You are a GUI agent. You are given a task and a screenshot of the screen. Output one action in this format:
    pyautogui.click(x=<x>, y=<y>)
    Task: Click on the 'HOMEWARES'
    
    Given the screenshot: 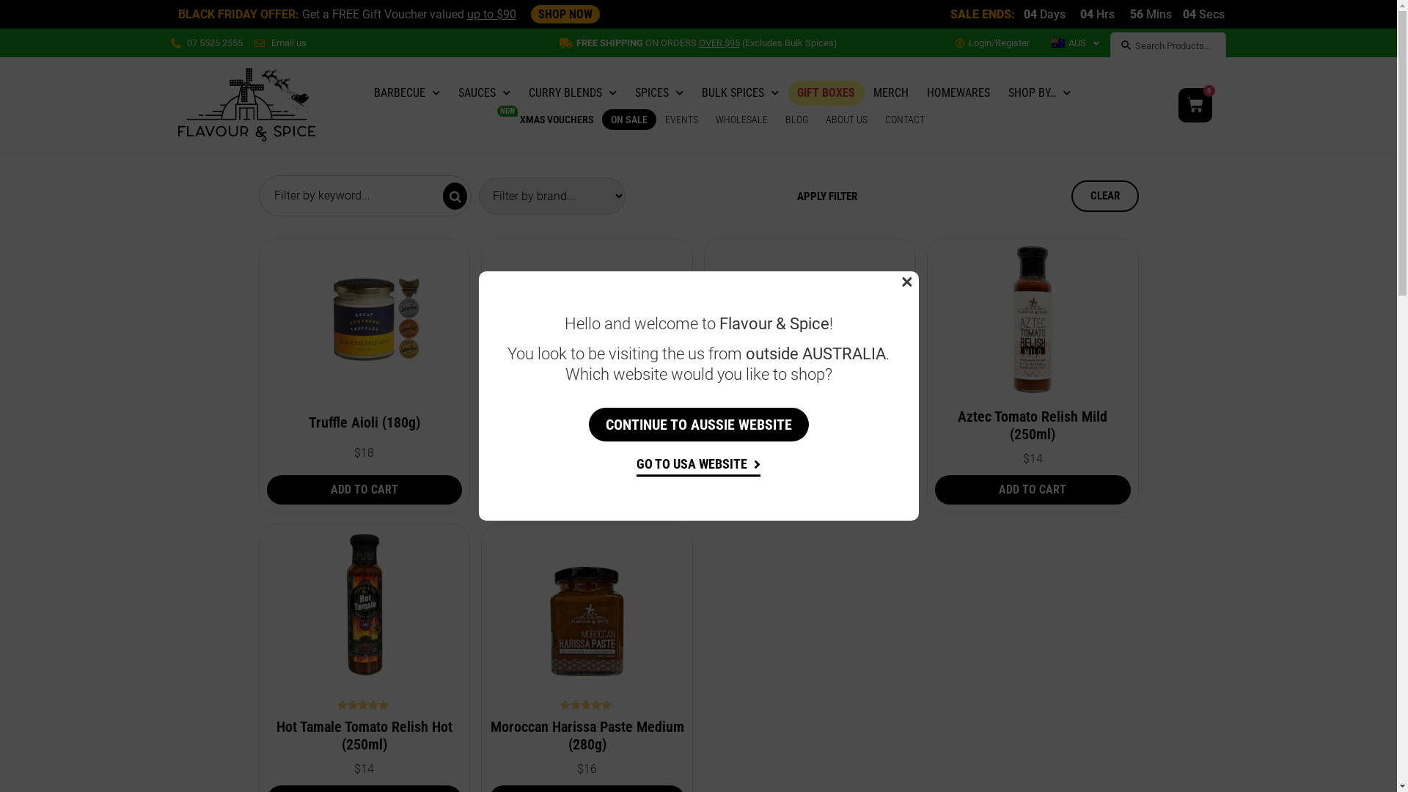 What is the action you would take?
    pyautogui.click(x=958, y=93)
    